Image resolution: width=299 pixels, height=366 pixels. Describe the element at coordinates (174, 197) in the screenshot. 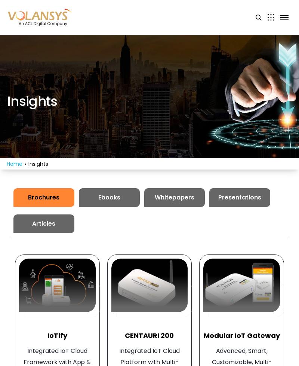

I see `'Whitepapers'` at that location.